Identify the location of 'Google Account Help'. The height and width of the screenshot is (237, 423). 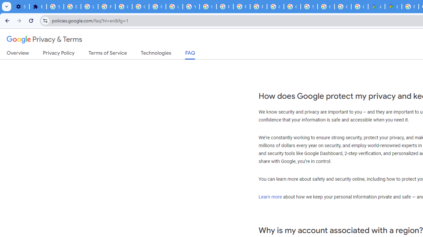
(124, 7).